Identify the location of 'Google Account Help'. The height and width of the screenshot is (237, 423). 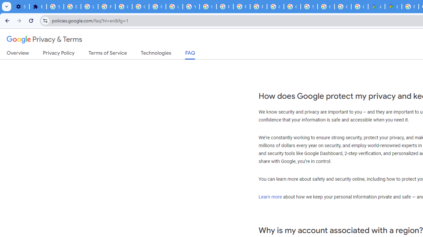
(124, 7).